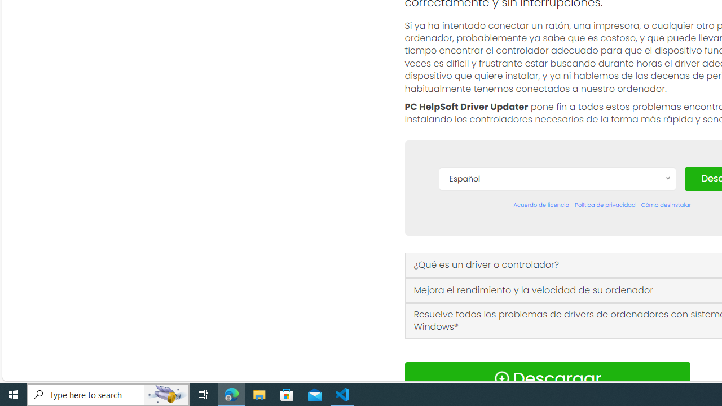 This screenshot has width=722, height=406. Describe the element at coordinates (541, 205) in the screenshot. I see `'Acuerdo de licencia'` at that location.